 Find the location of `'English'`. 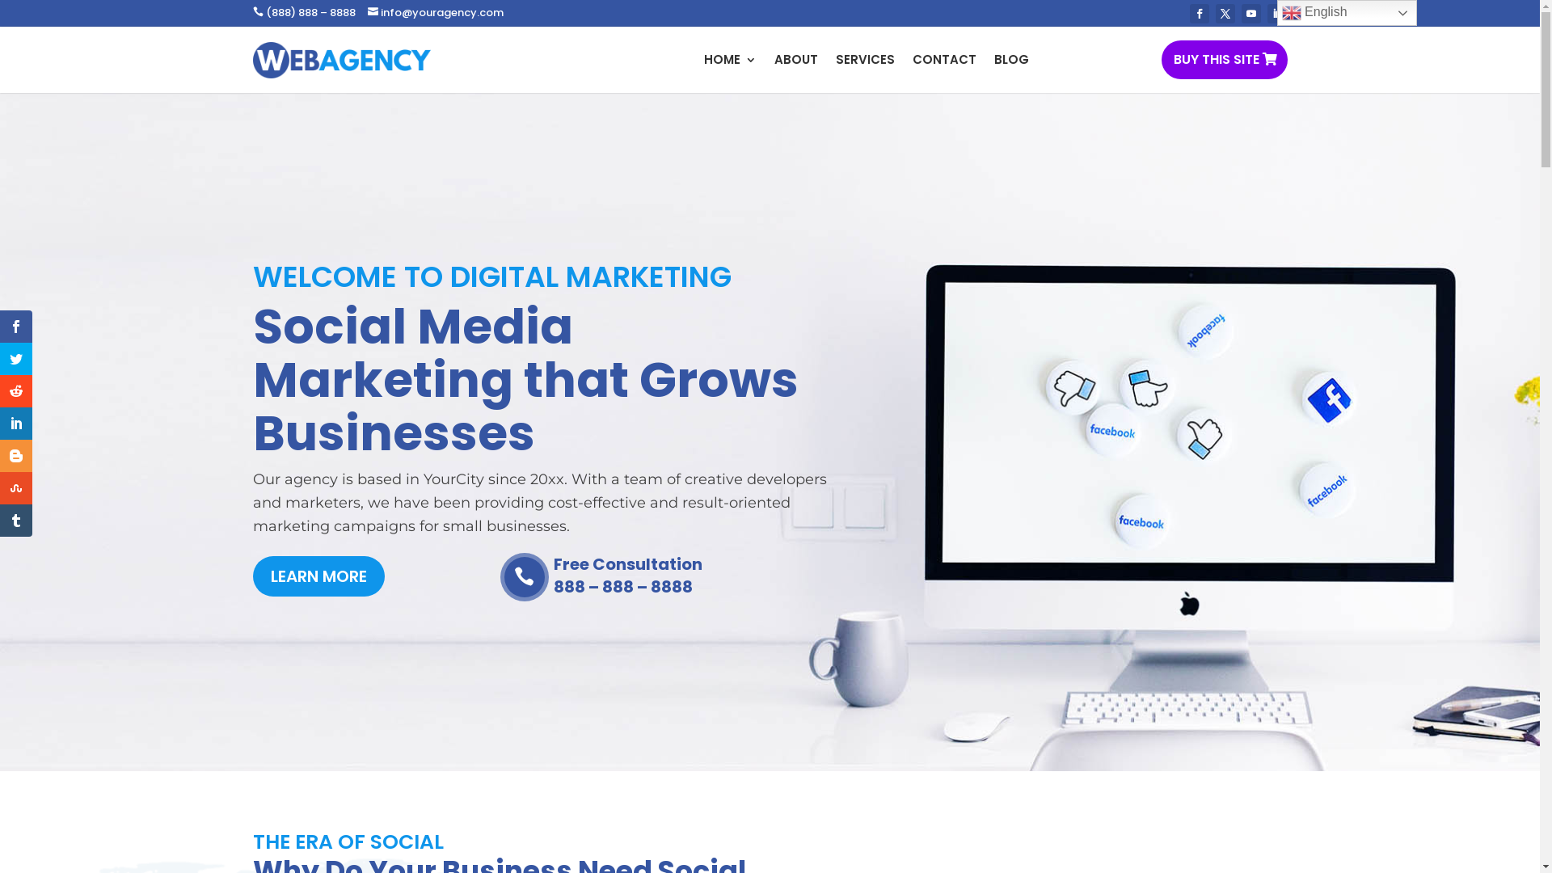

'English' is located at coordinates (1347, 12).